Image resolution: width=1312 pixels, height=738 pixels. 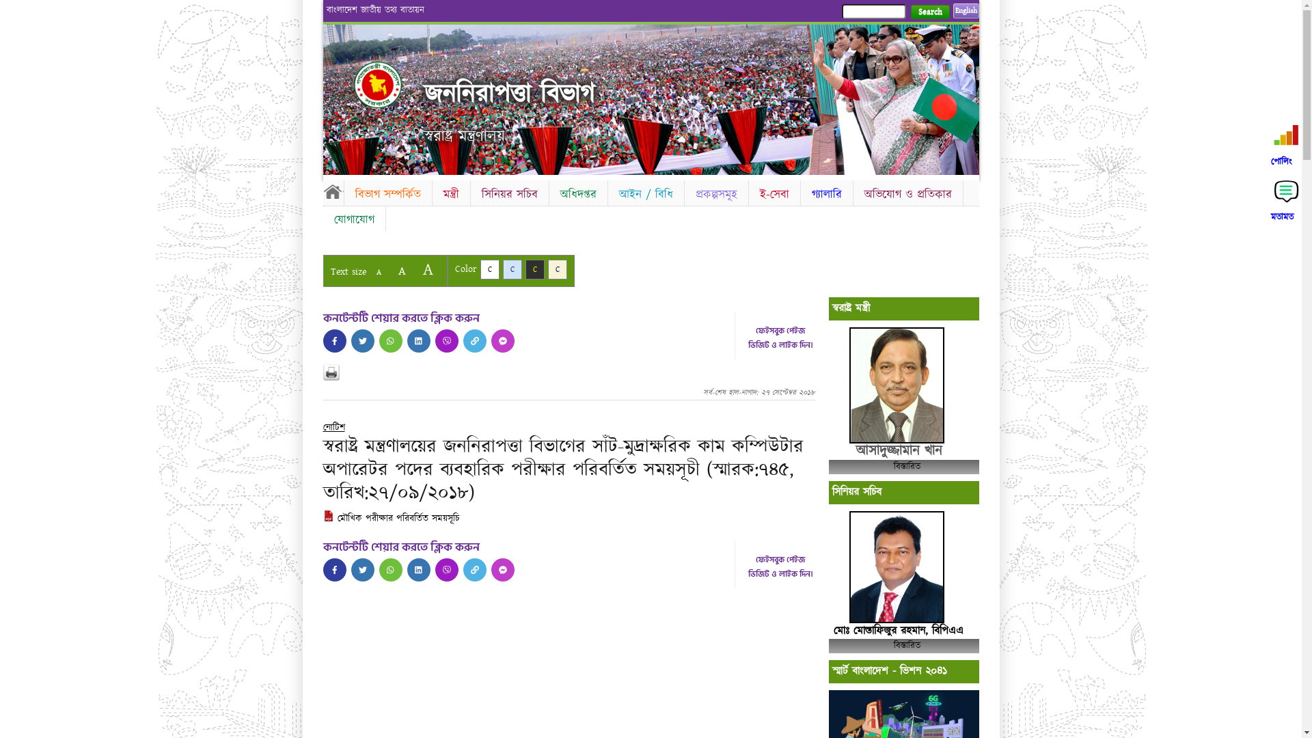 What do you see at coordinates (332, 191) in the screenshot?
I see `'Home'` at bounding box center [332, 191].